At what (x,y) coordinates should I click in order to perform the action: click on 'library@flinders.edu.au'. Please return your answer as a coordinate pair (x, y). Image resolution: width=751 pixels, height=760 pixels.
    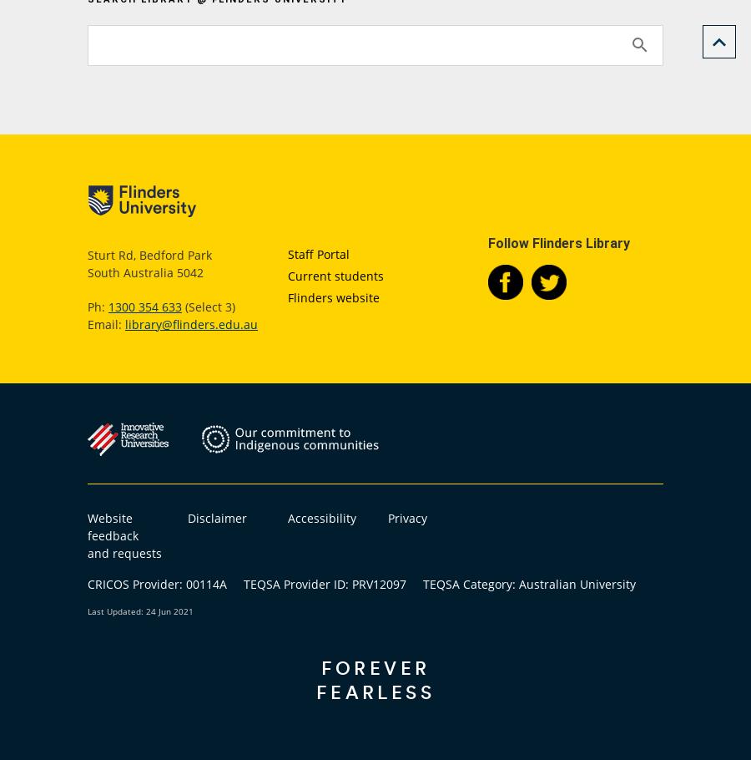
    Looking at the image, I should click on (190, 323).